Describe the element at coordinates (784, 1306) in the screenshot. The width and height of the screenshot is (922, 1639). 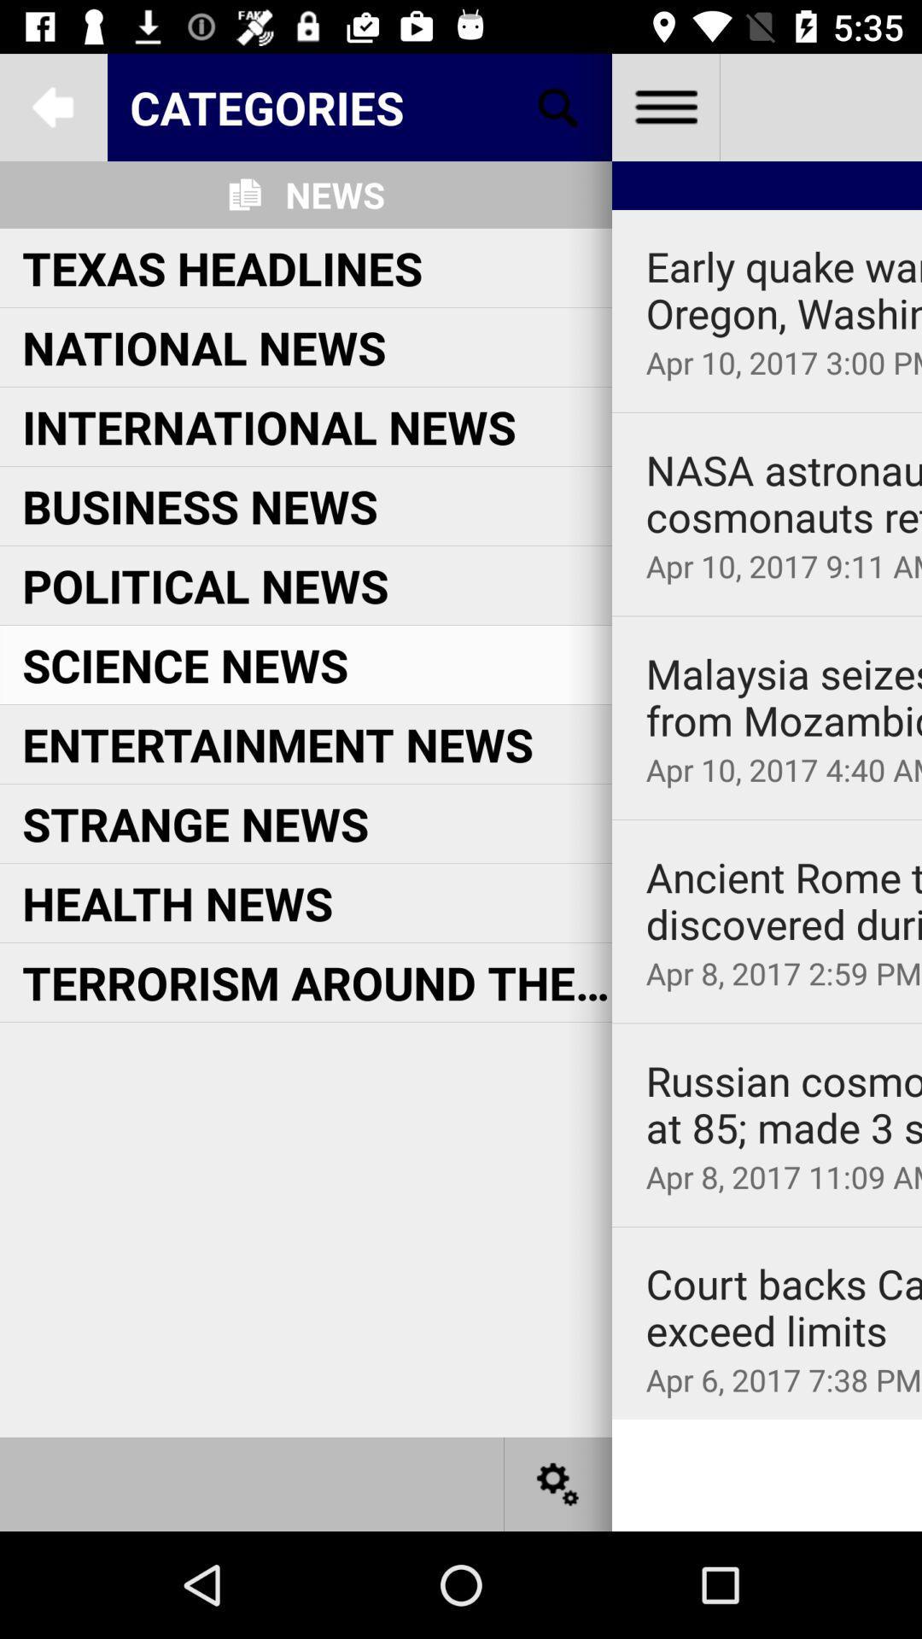
I see `the icon above apr 6 2017 icon` at that location.